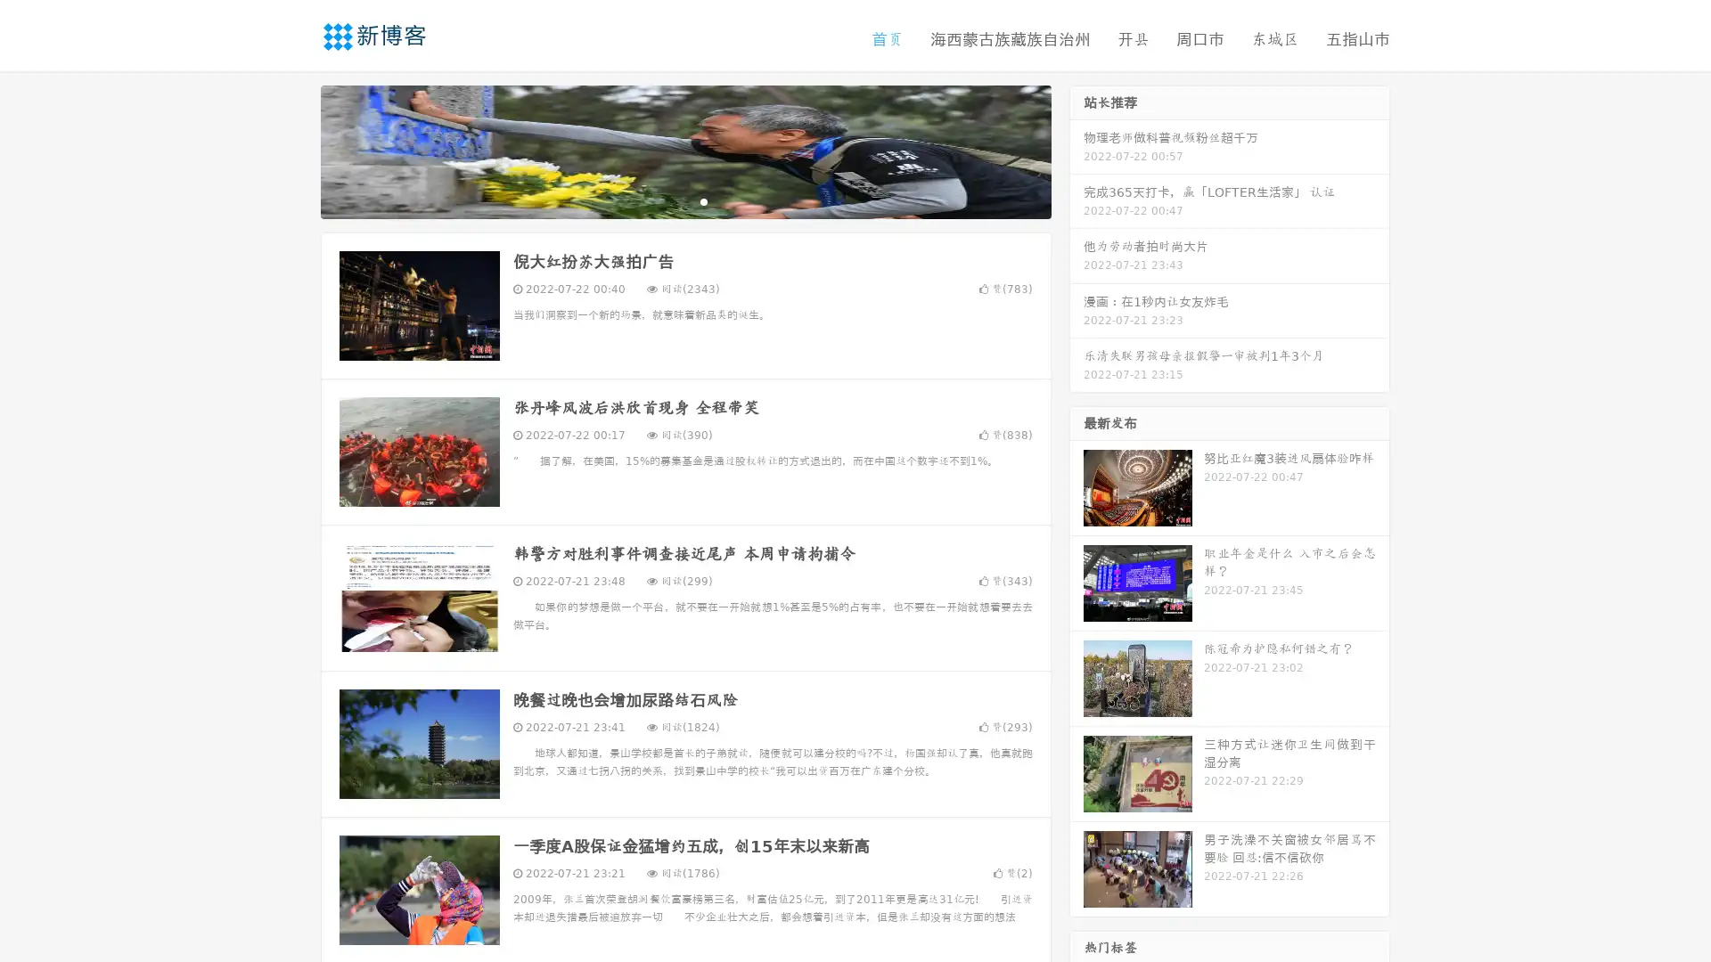  I want to click on Previous slide, so click(294, 150).